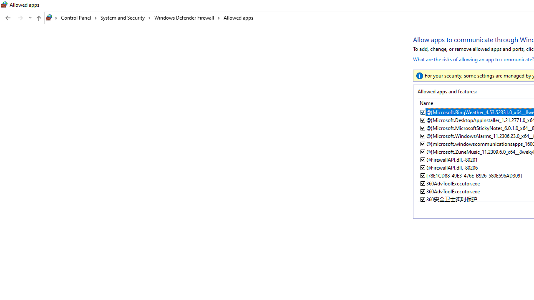 The height and width of the screenshot is (300, 534). What do you see at coordinates (125, 17) in the screenshot?
I see `'System and Security'` at bounding box center [125, 17].